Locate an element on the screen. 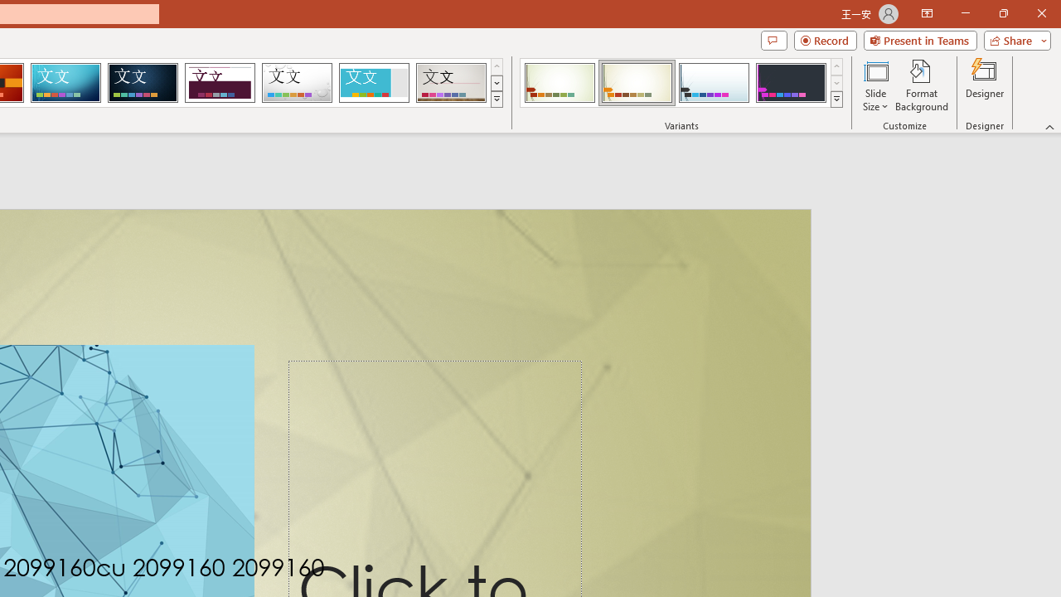  'Variants' is located at coordinates (836, 99).